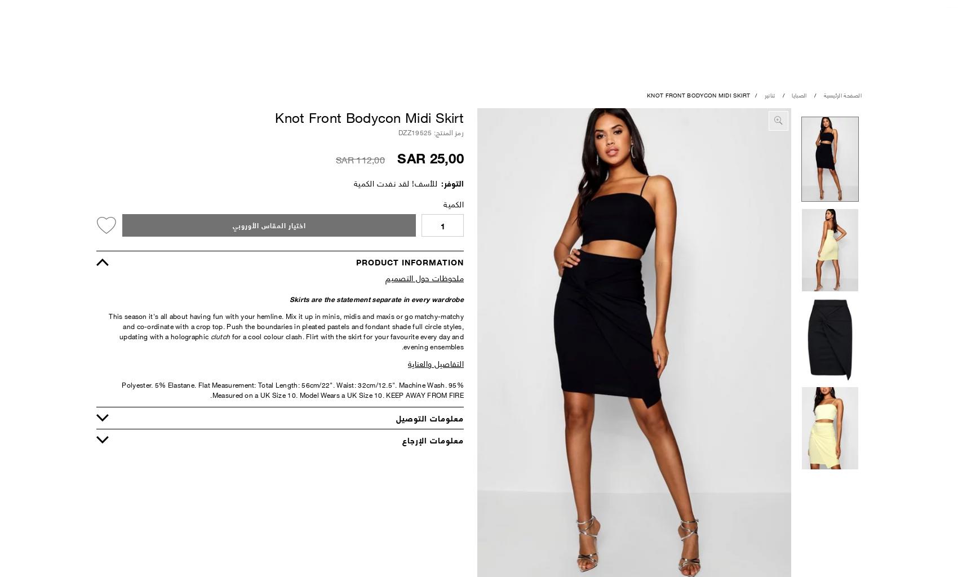 This screenshot has height=577, width=958. Describe the element at coordinates (352, 182) in the screenshot. I see `'للأسف! لقد نفدت الكمية'` at that location.